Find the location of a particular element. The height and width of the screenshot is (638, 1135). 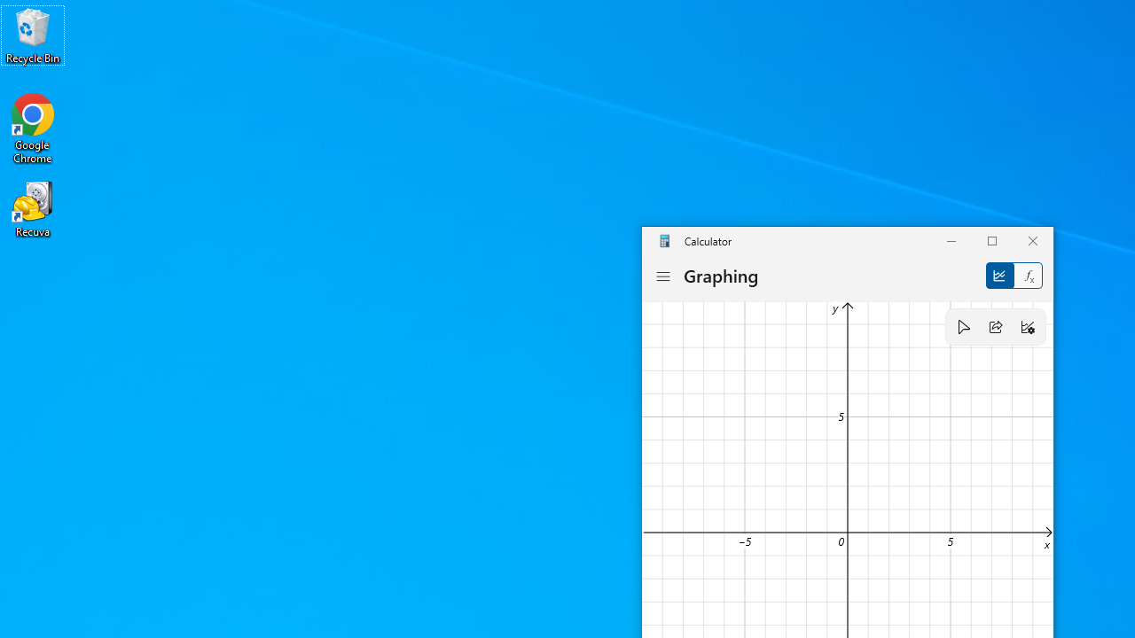

'Recuva' is located at coordinates (33, 207).